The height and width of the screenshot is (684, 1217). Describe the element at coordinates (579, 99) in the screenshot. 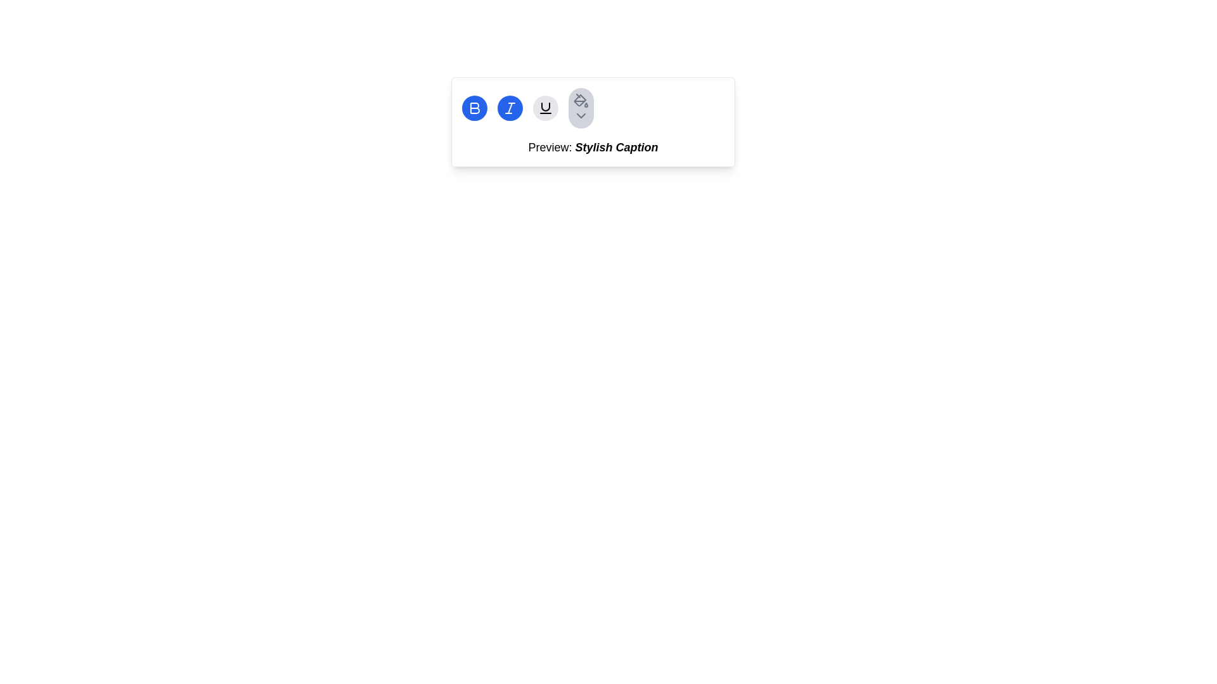

I see `the paint bucket icon button in the toolbar` at that location.